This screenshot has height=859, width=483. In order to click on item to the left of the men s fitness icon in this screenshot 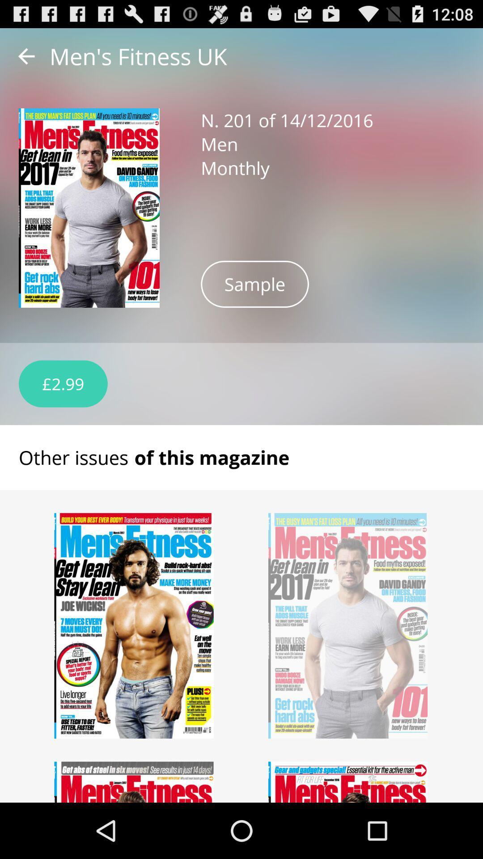, I will do `click(26, 55)`.